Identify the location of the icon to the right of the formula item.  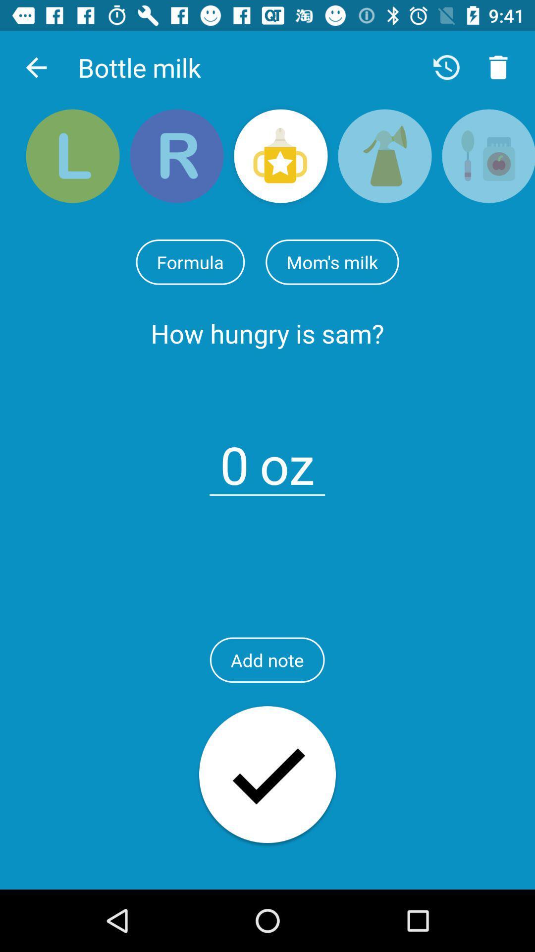
(332, 262).